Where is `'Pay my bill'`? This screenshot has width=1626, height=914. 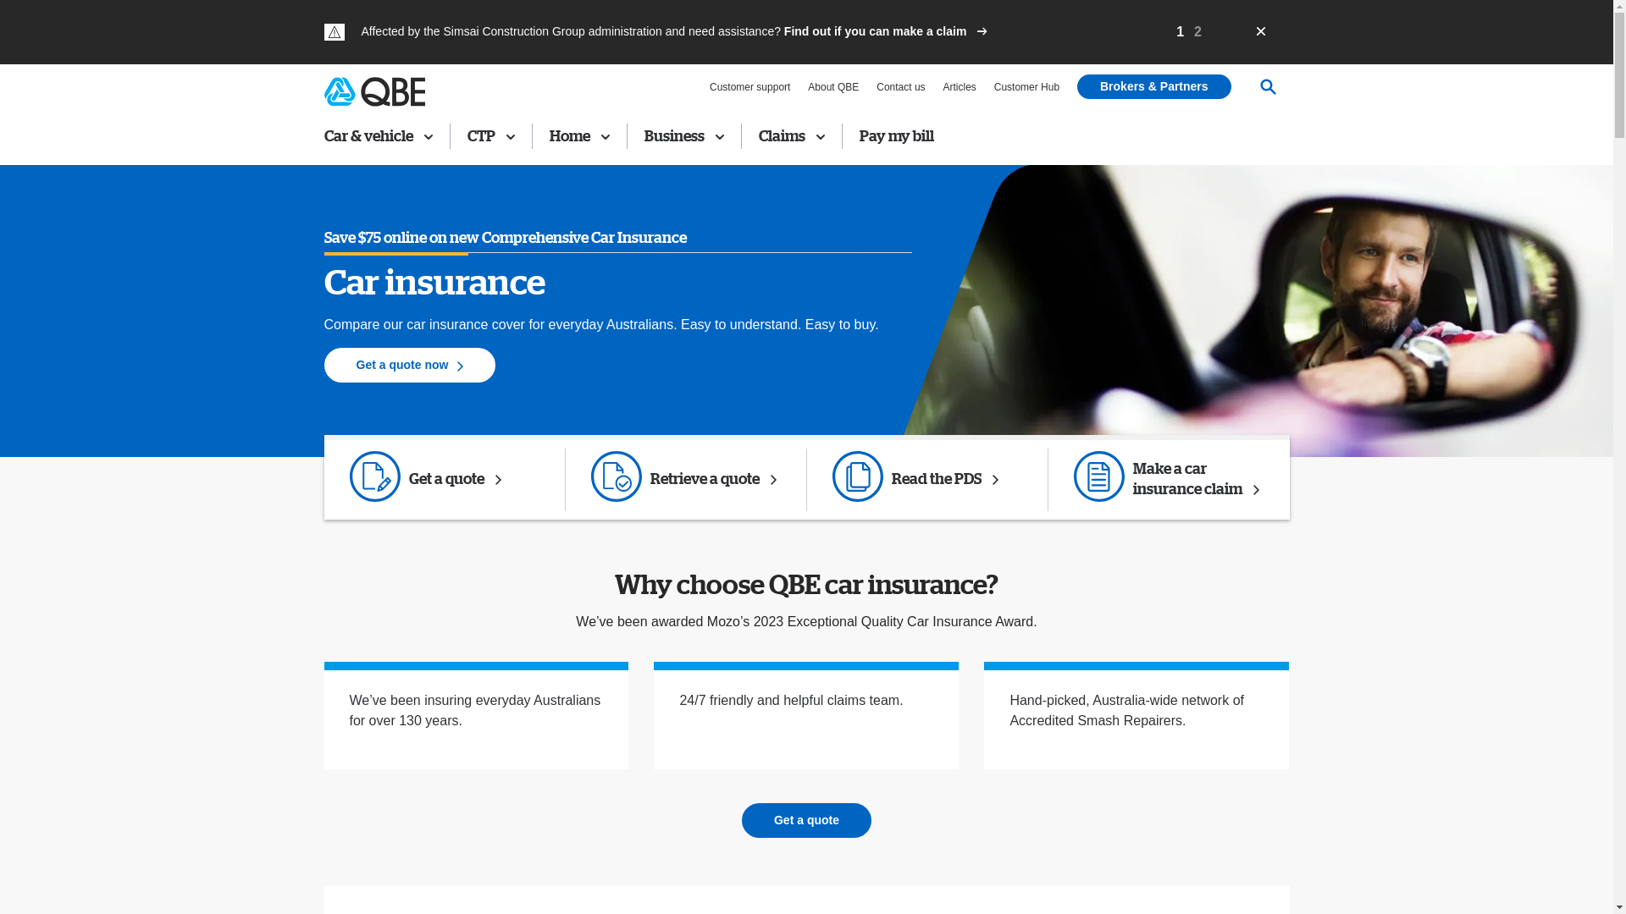
'Pay my bill' is located at coordinates (894, 135).